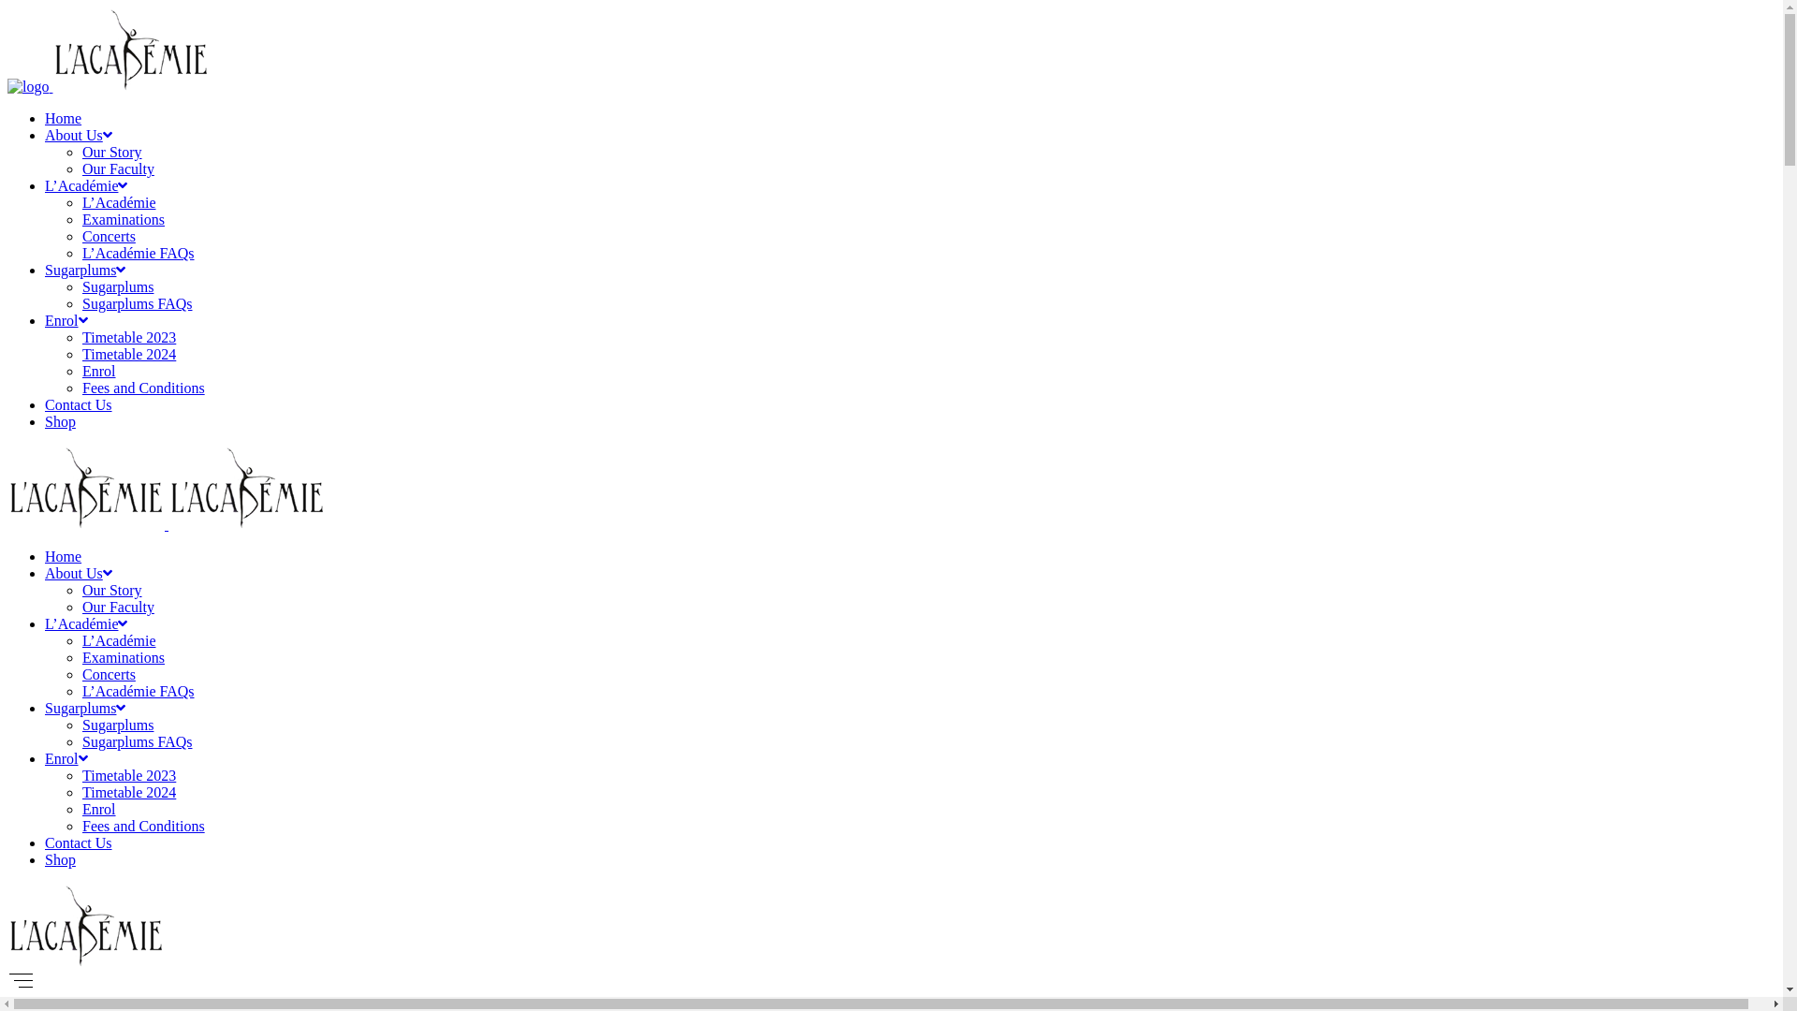 This screenshot has height=1011, width=1797. What do you see at coordinates (116, 724) in the screenshot?
I see `'Sugarplums'` at bounding box center [116, 724].